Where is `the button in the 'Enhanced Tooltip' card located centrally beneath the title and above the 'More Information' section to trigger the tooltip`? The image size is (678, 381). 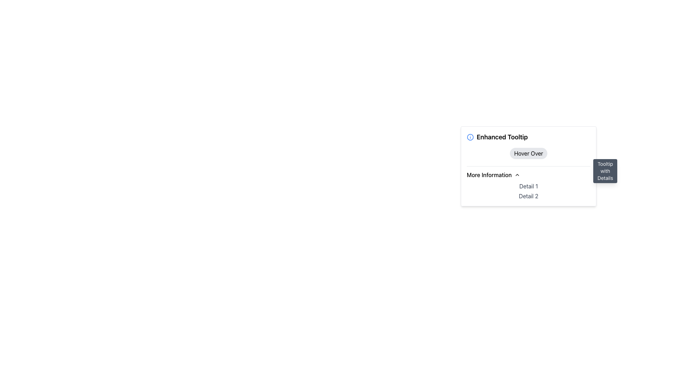 the button in the 'Enhanced Tooltip' card located centrally beneath the title and above the 'More Information' section to trigger the tooltip is located at coordinates (529, 153).